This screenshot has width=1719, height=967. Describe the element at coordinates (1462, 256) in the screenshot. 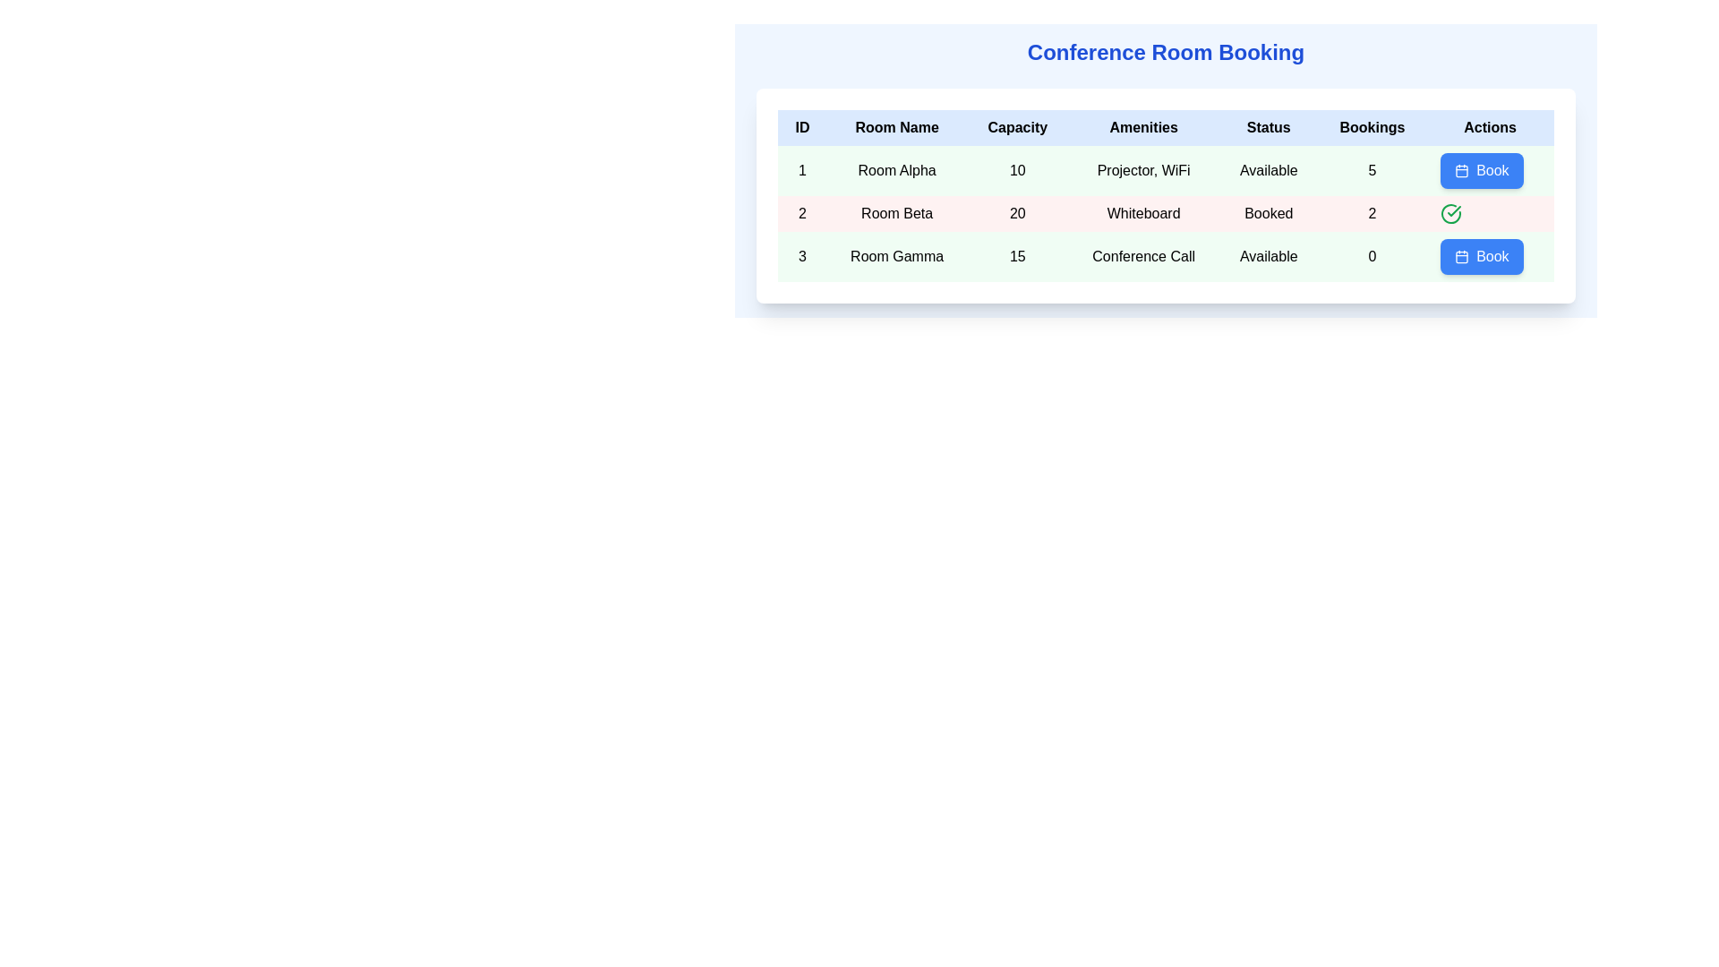

I see `the small calendar icon within the blue 'Book' button located in the 'Actions' column of the third row for 'Room Gamma'` at that location.